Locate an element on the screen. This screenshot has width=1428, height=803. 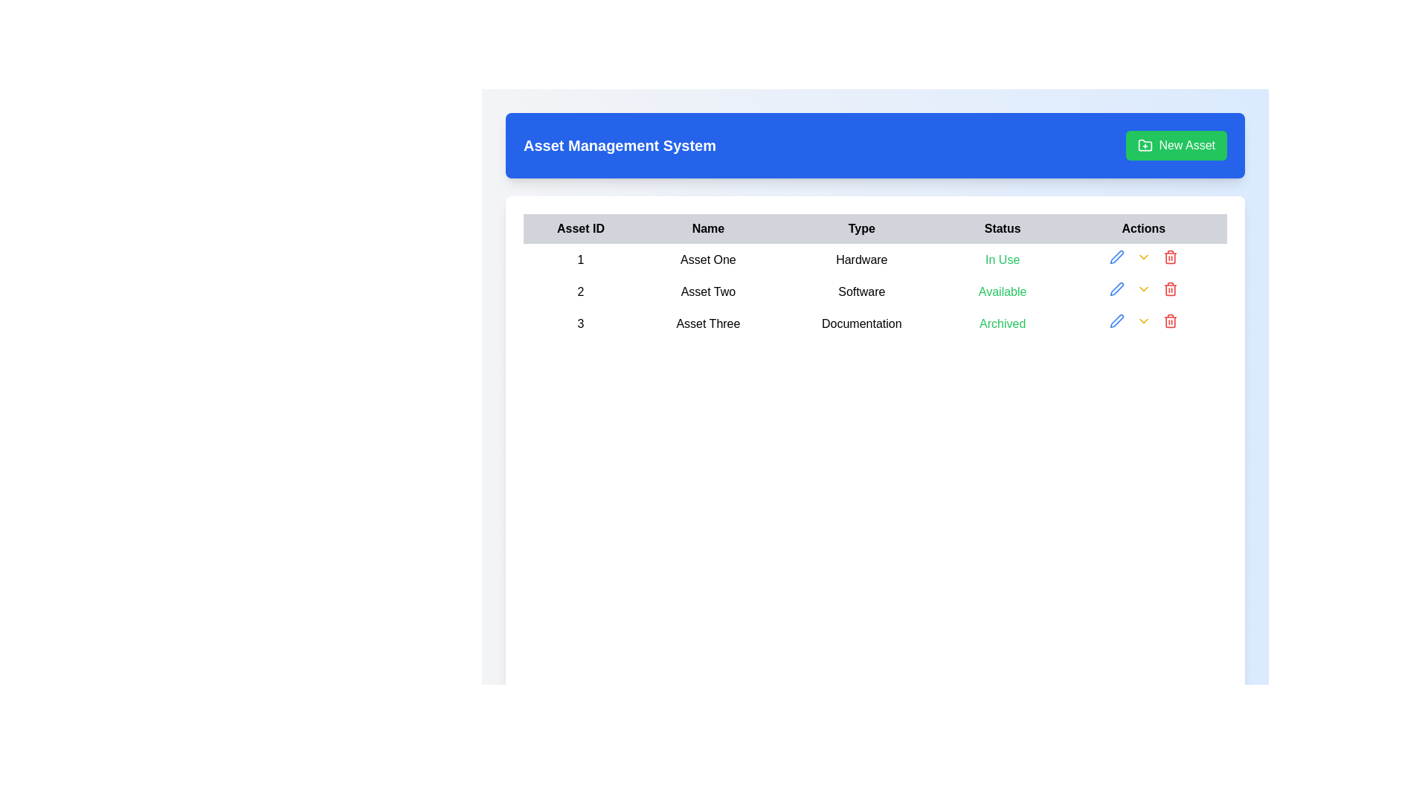
the 'Status' text label in the header row of the table, which is styled with padding and set against a gray background, positioned between 'Type' and 'Actions' is located at coordinates (1003, 229).